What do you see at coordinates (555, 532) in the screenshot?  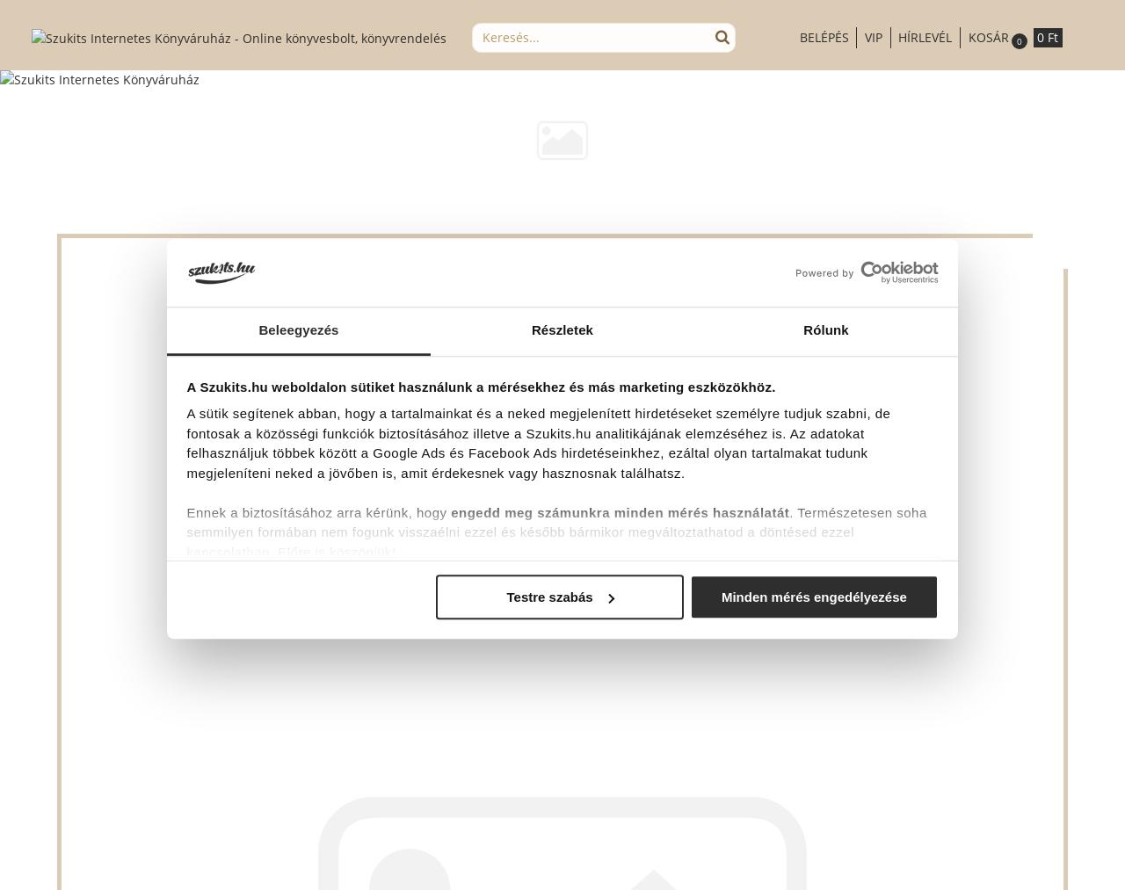 I see `'. Természetesen soha semmilyen formában nem fogunk visszaélni ezzel és később bármikor megváltoztathatod a döntésed ezzel kapcsolatban. Előre is köszönjük!'` at bounding box center [555, 532].